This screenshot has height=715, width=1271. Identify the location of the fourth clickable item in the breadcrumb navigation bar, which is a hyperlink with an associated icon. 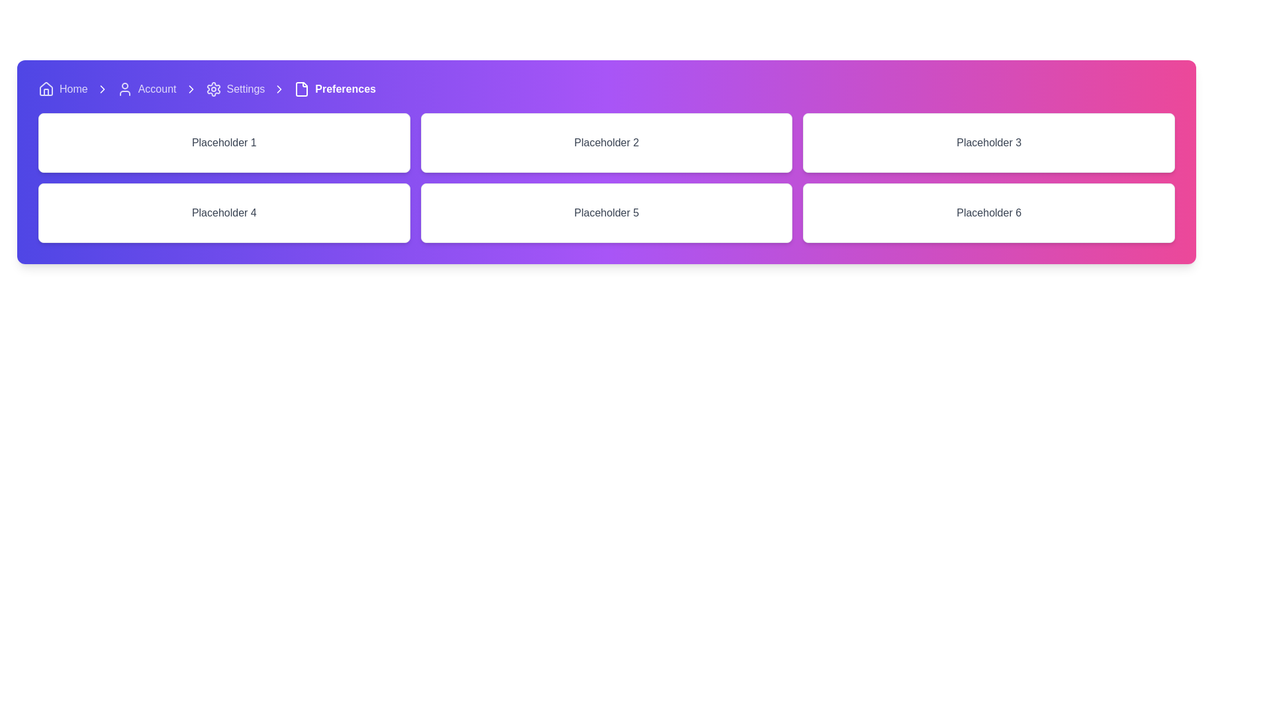
(235, 89).